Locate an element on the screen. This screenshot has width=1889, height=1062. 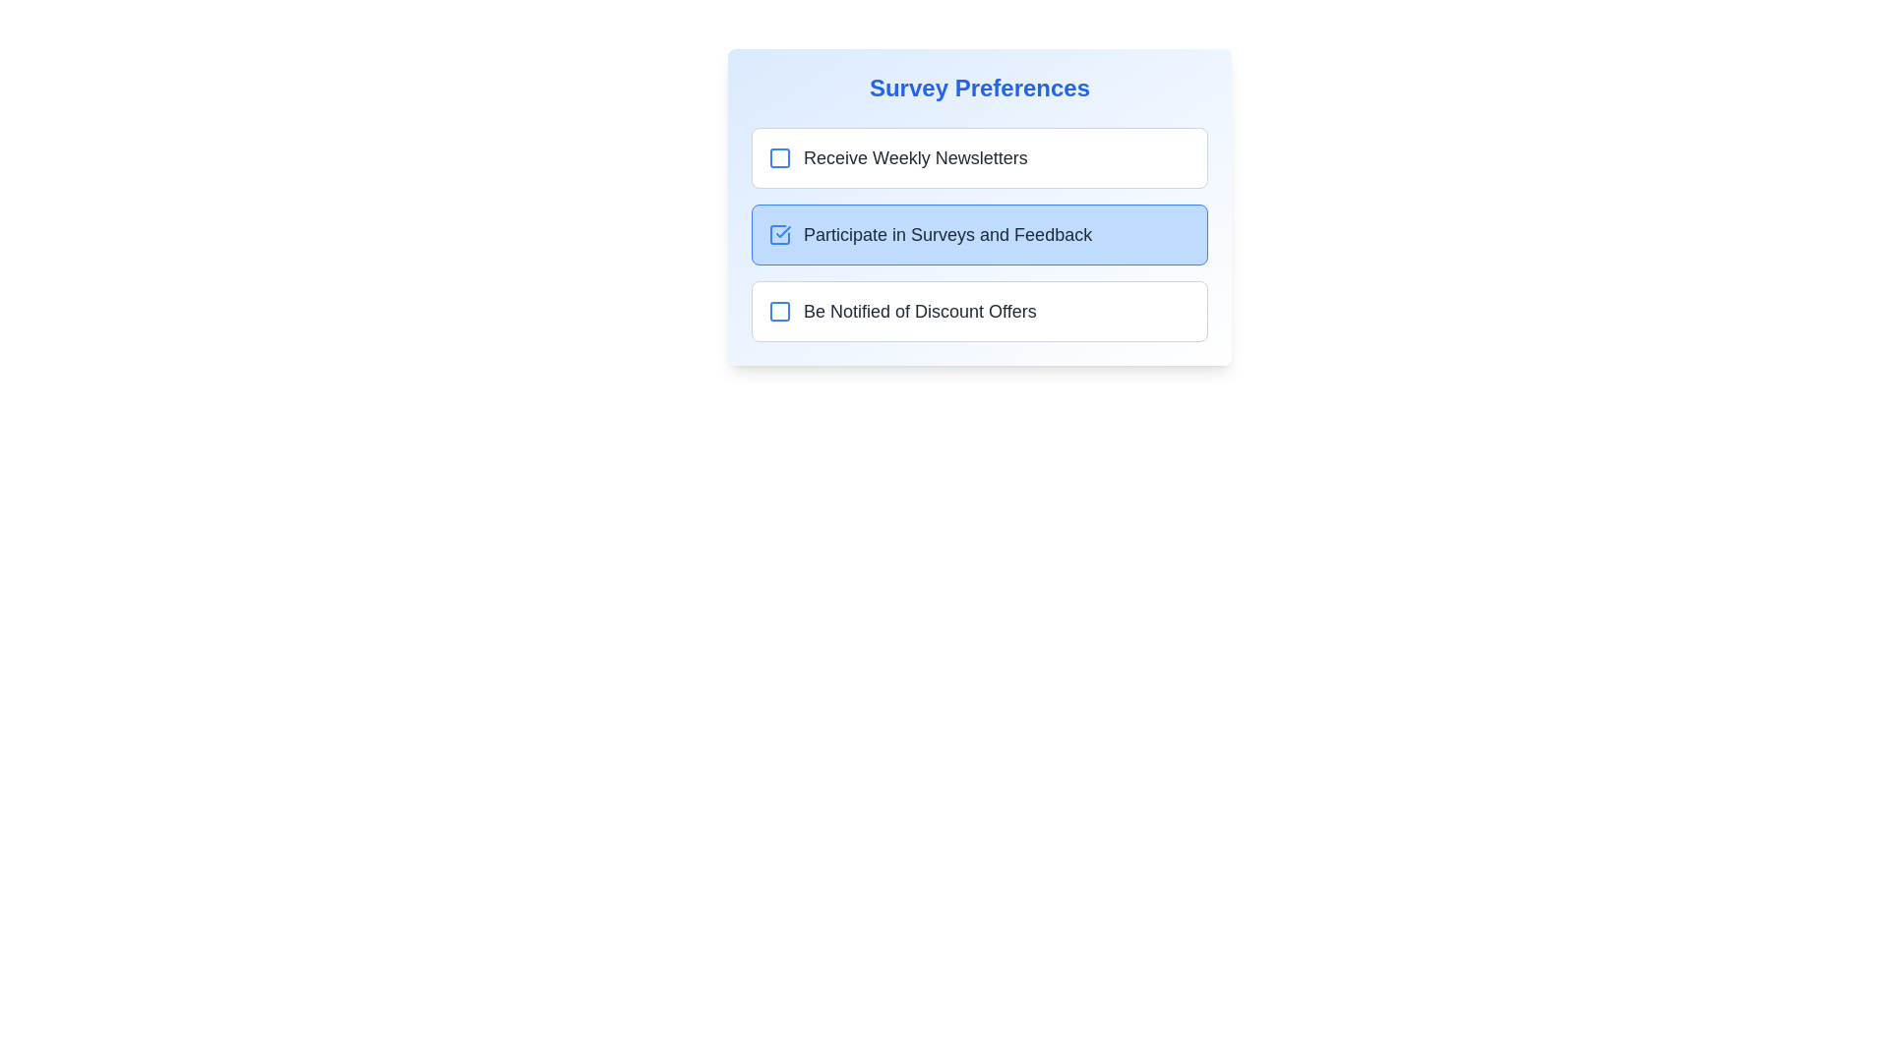
the checkbox labeled 'Subscribe to Weekly Newsletters' is located at coordinates (980, 157).